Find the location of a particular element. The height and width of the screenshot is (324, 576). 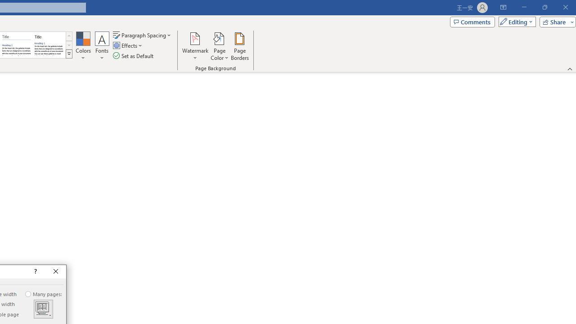

'Colors' is located at coordinates (83, 46).